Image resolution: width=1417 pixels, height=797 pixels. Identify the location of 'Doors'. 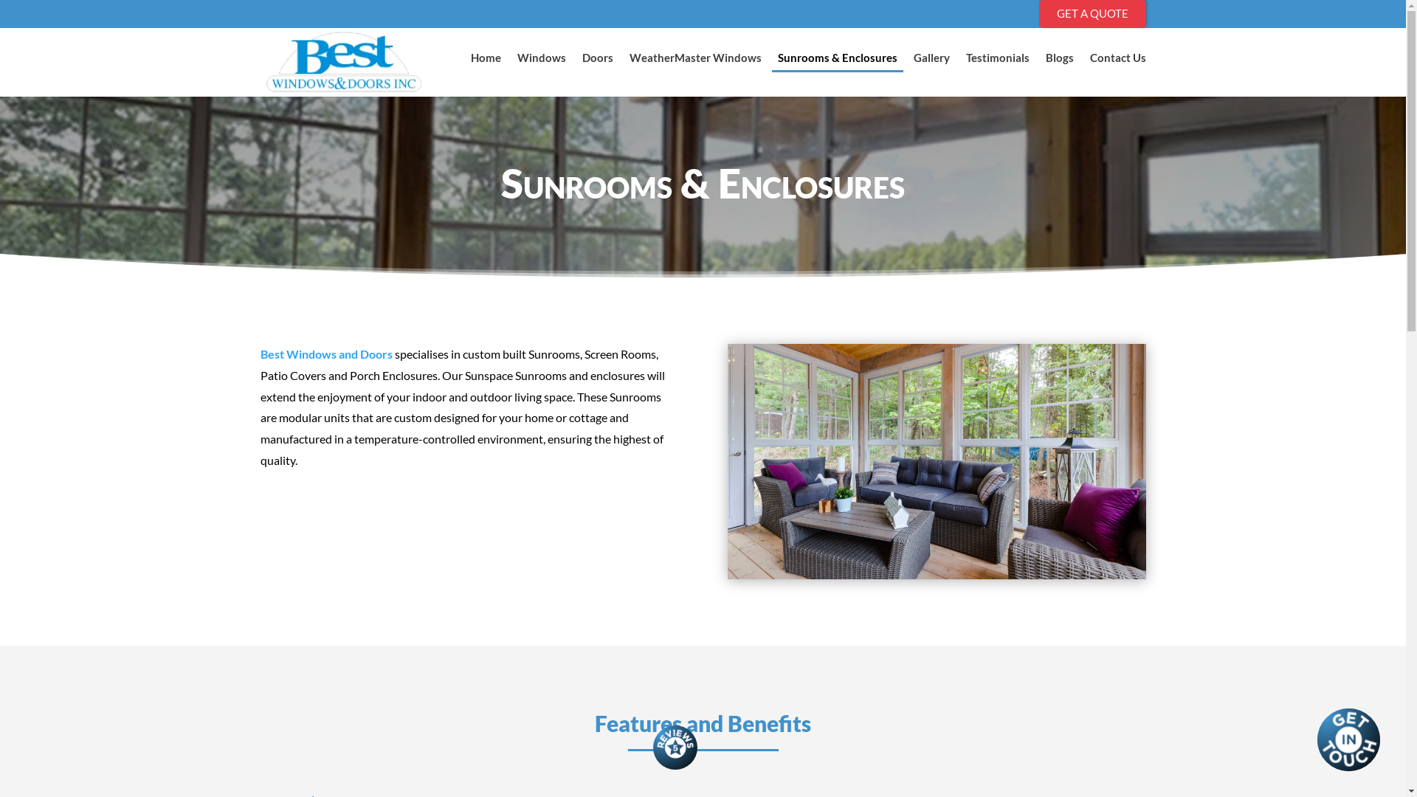
(580, 69).